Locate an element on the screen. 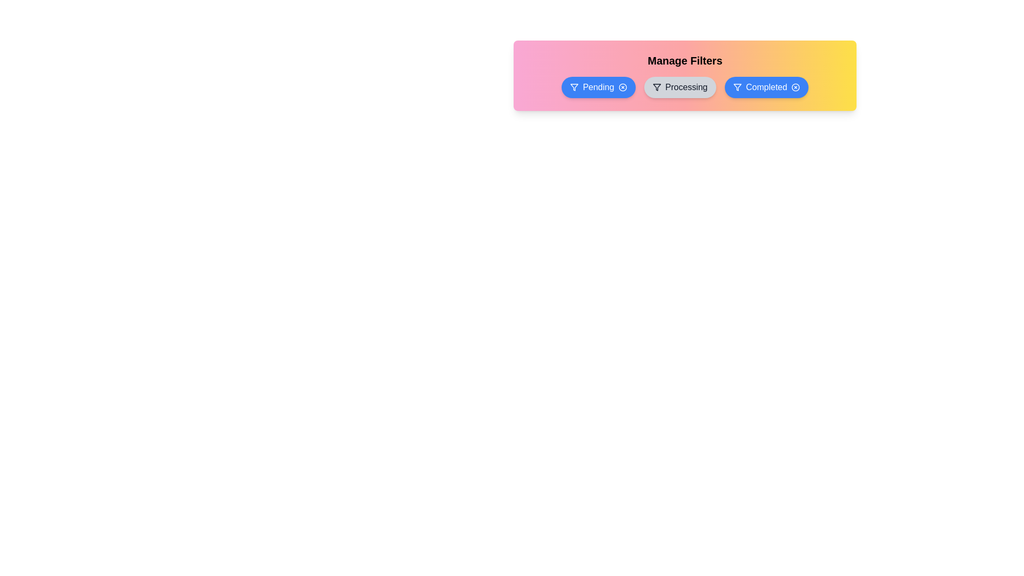 The width and height of the screenshot is (1024, 576). the filter Pending is located at coordinates (598, 87).